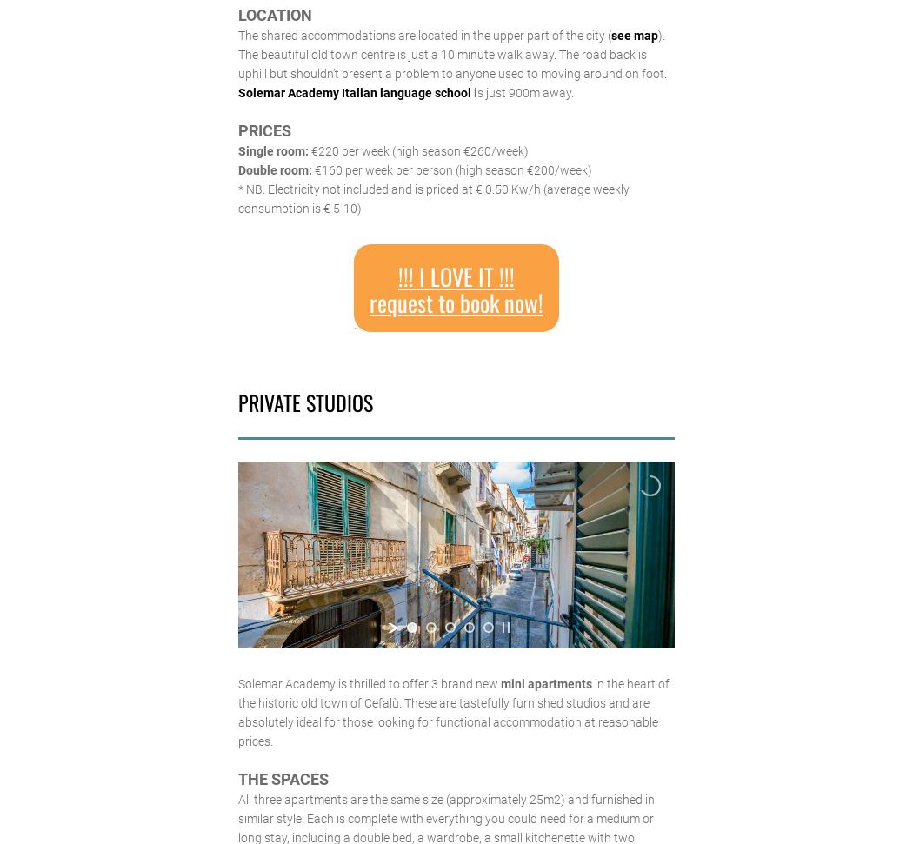  What do you see at coordinates (310, 168) in the screenshot?
I see `'€160 per week per person (high season €200/week)'` at bounding box center [310, 168].